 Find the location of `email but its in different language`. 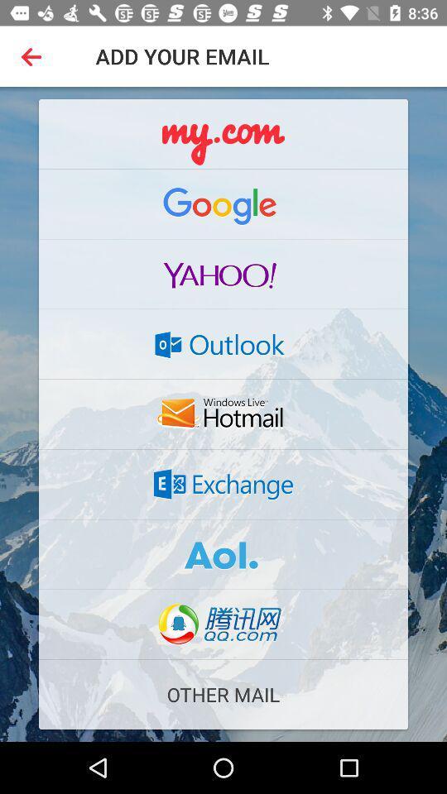

email but its in different language is located at coordinates (223, 624).